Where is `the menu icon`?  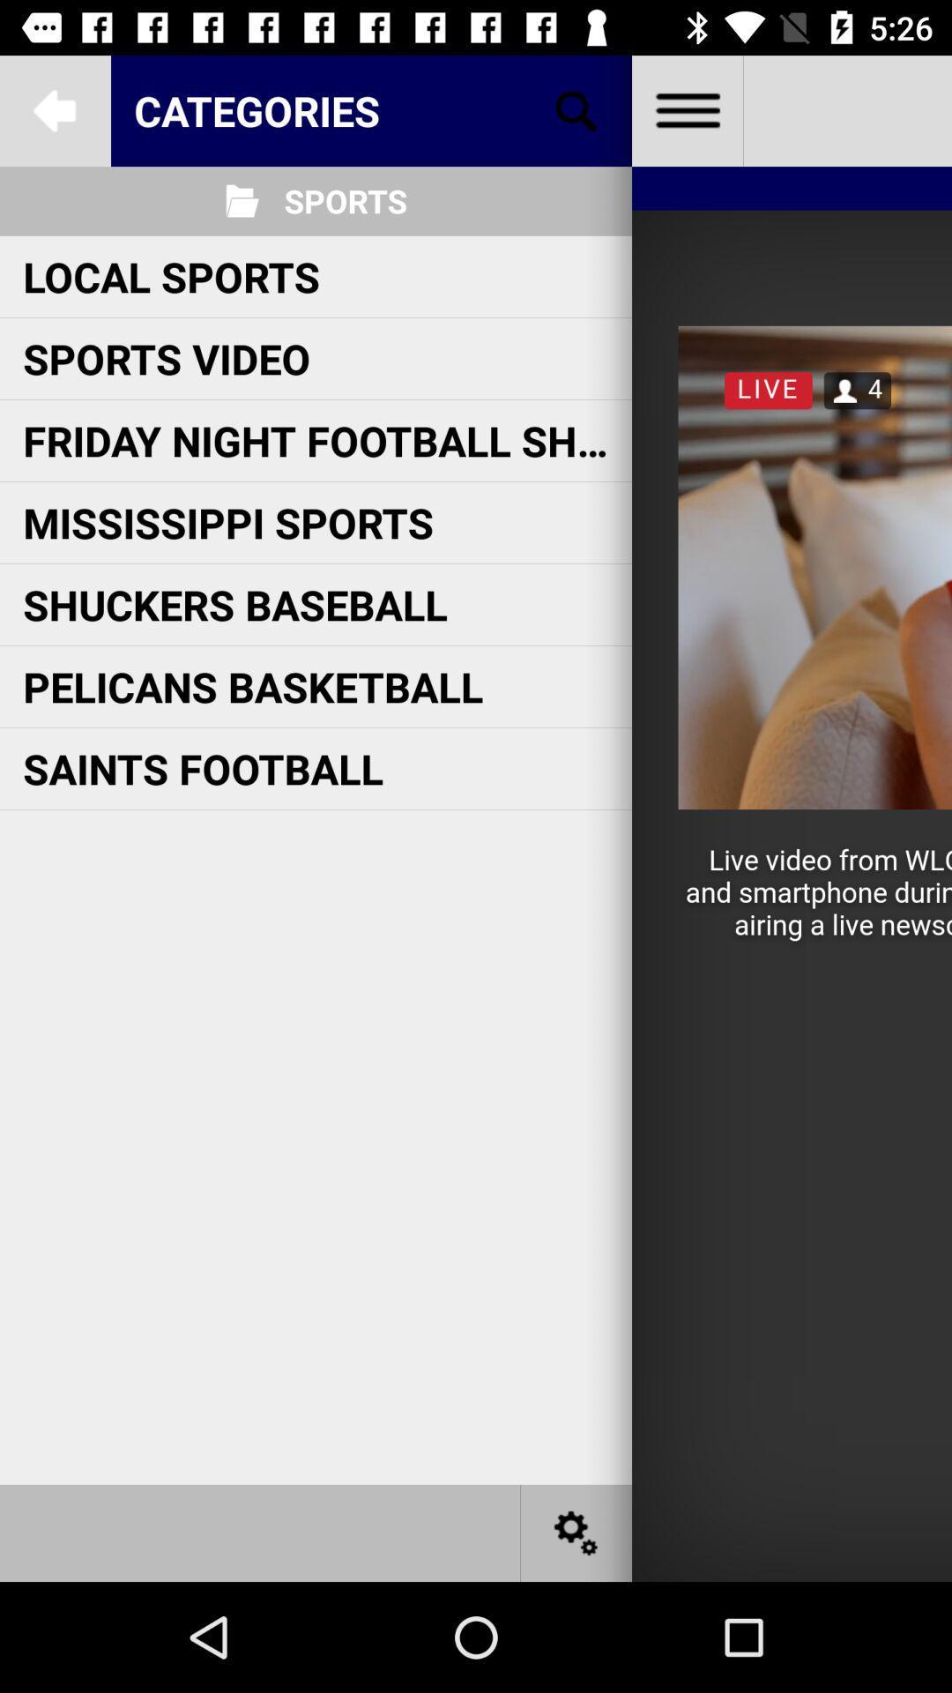
the menu icon is located at coordinates (686, 109).